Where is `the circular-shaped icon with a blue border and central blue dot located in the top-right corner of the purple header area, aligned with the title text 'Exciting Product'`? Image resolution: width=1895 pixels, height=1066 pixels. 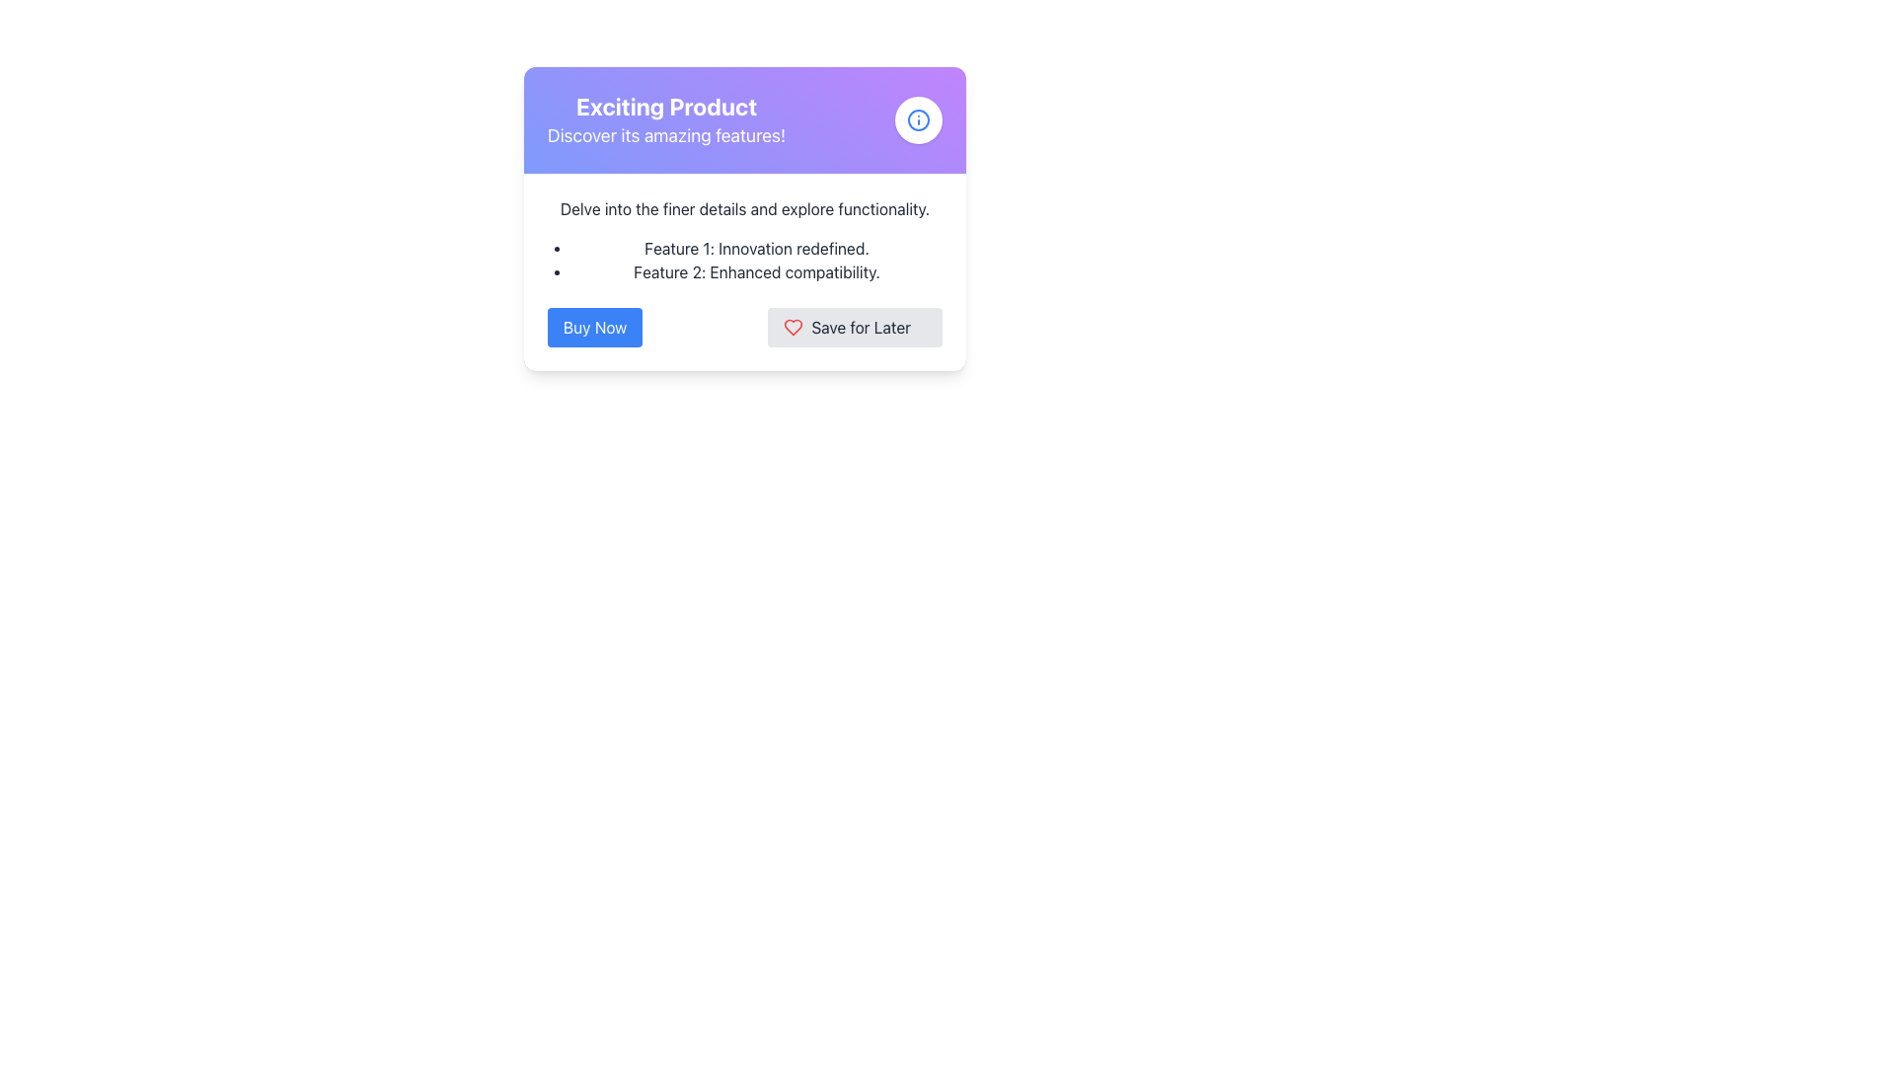
the circular-shaped icon with a blue border and central blue dot located in the top-right corner of the purple header area, aligned with the title text 'Exciting Product' is located at coordinates (918, 120).